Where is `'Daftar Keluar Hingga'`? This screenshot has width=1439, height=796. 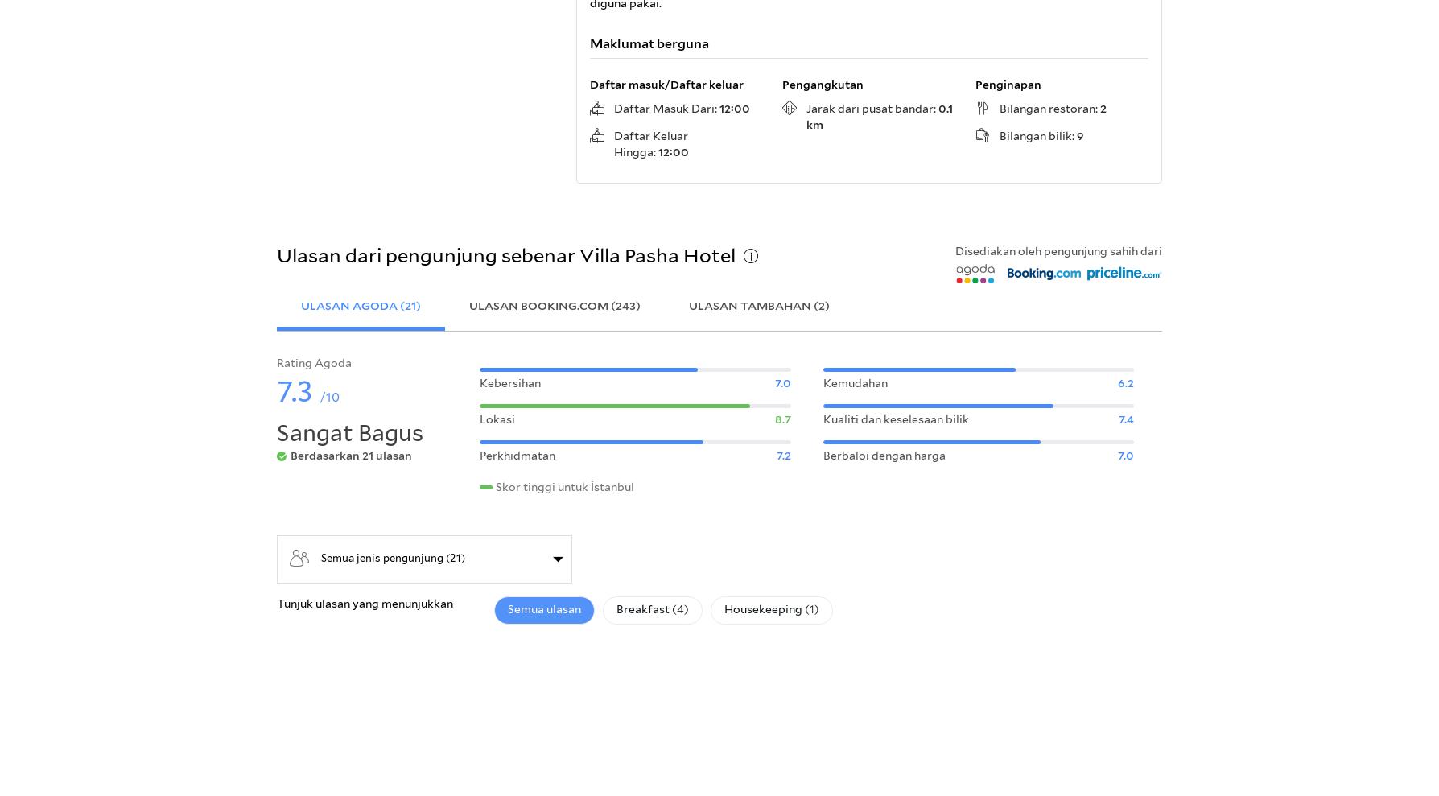 'Daftar Keluar Hingga' is located at coordinates (612, 143).